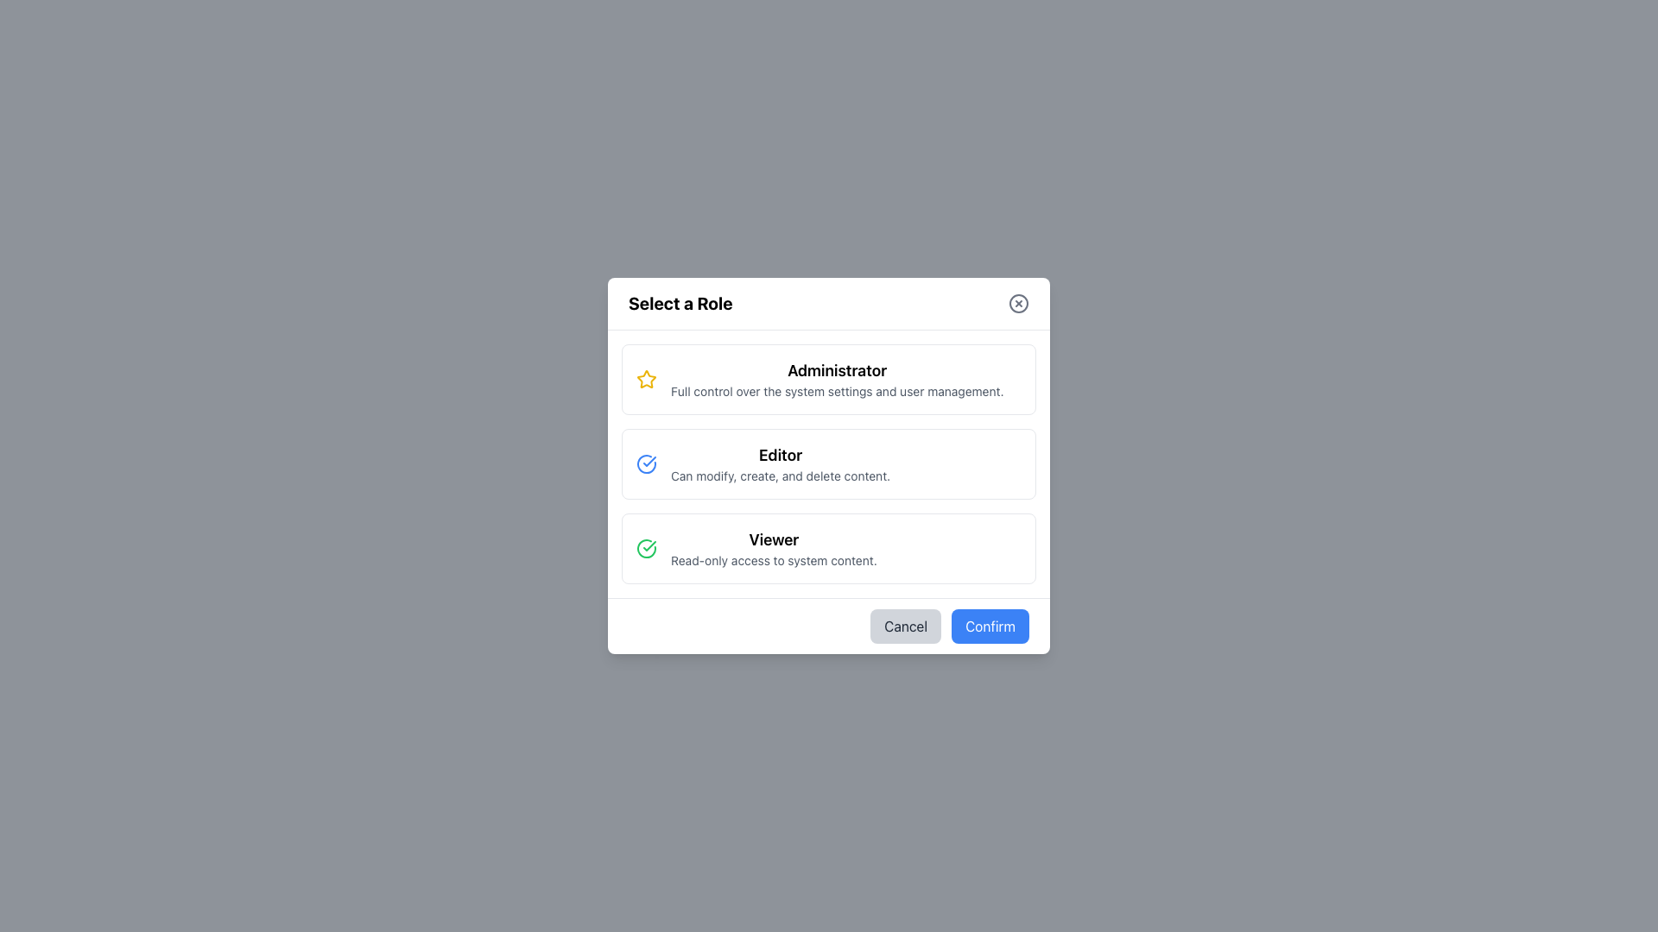 The width and height of the screenshot is (1658, 932). I want to click on the star icon representing the 'Administrator' role option in the list of roles, positioned at the top of the list, so click(645, 378).